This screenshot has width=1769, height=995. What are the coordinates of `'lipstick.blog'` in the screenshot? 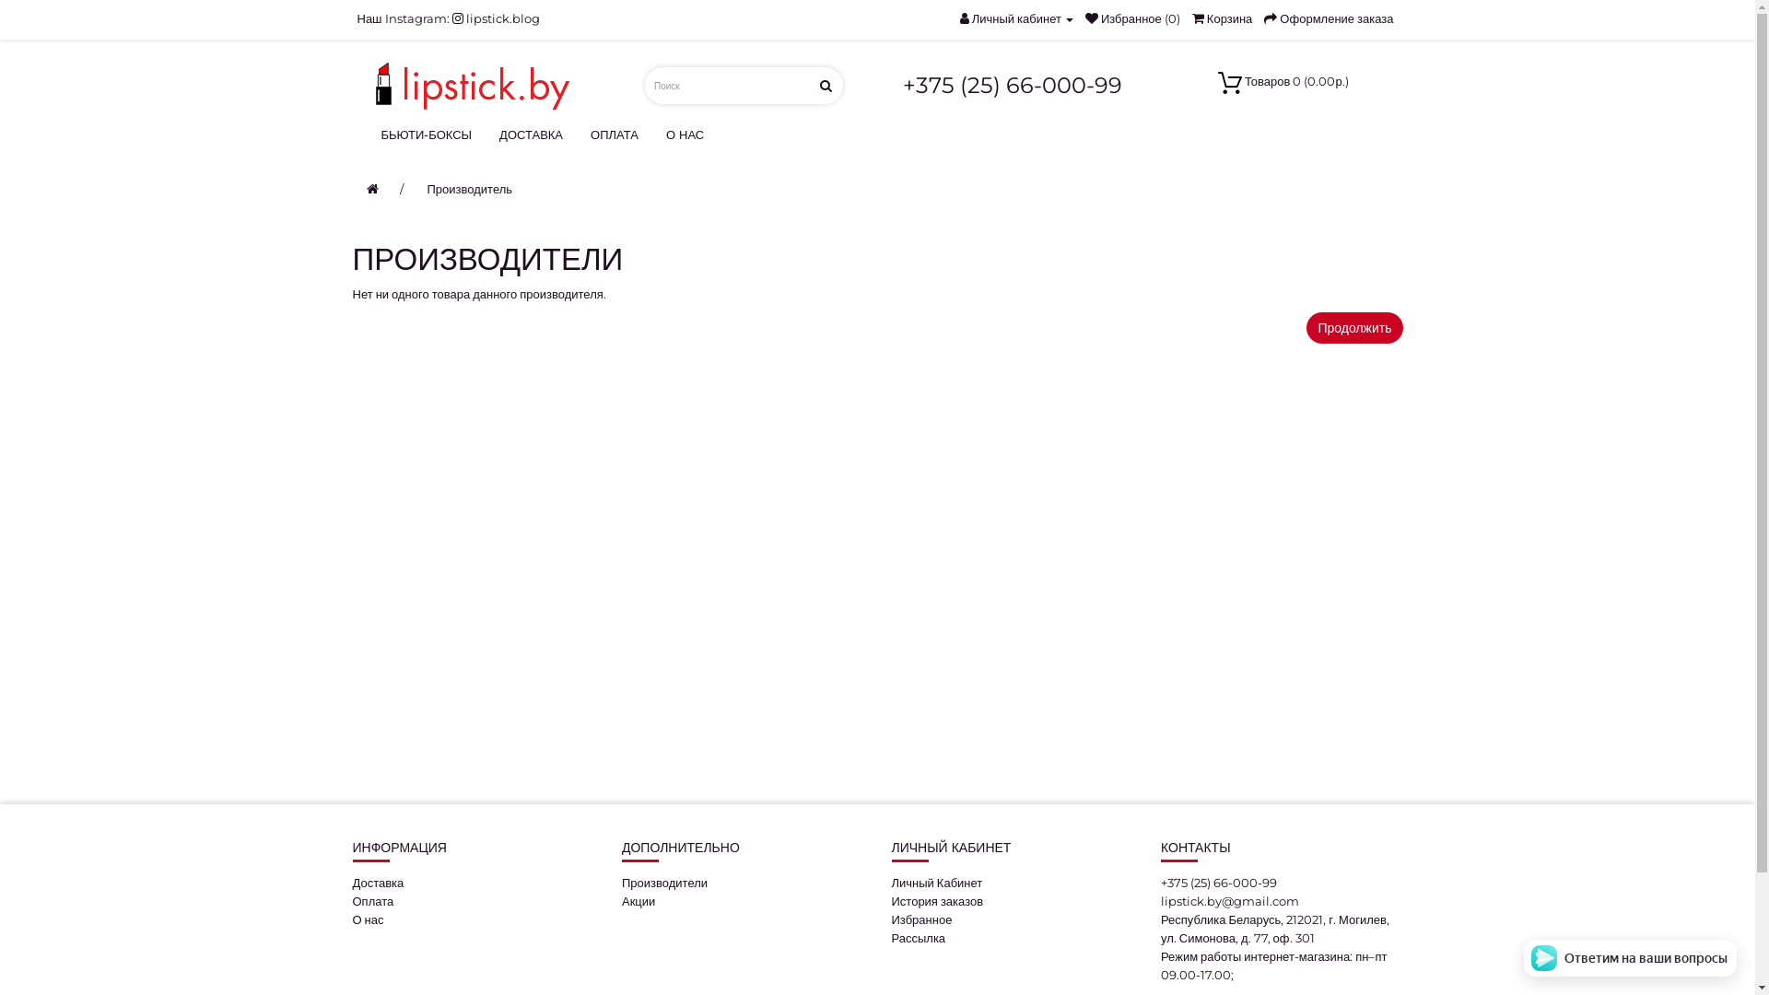 It's located at (496, 18).